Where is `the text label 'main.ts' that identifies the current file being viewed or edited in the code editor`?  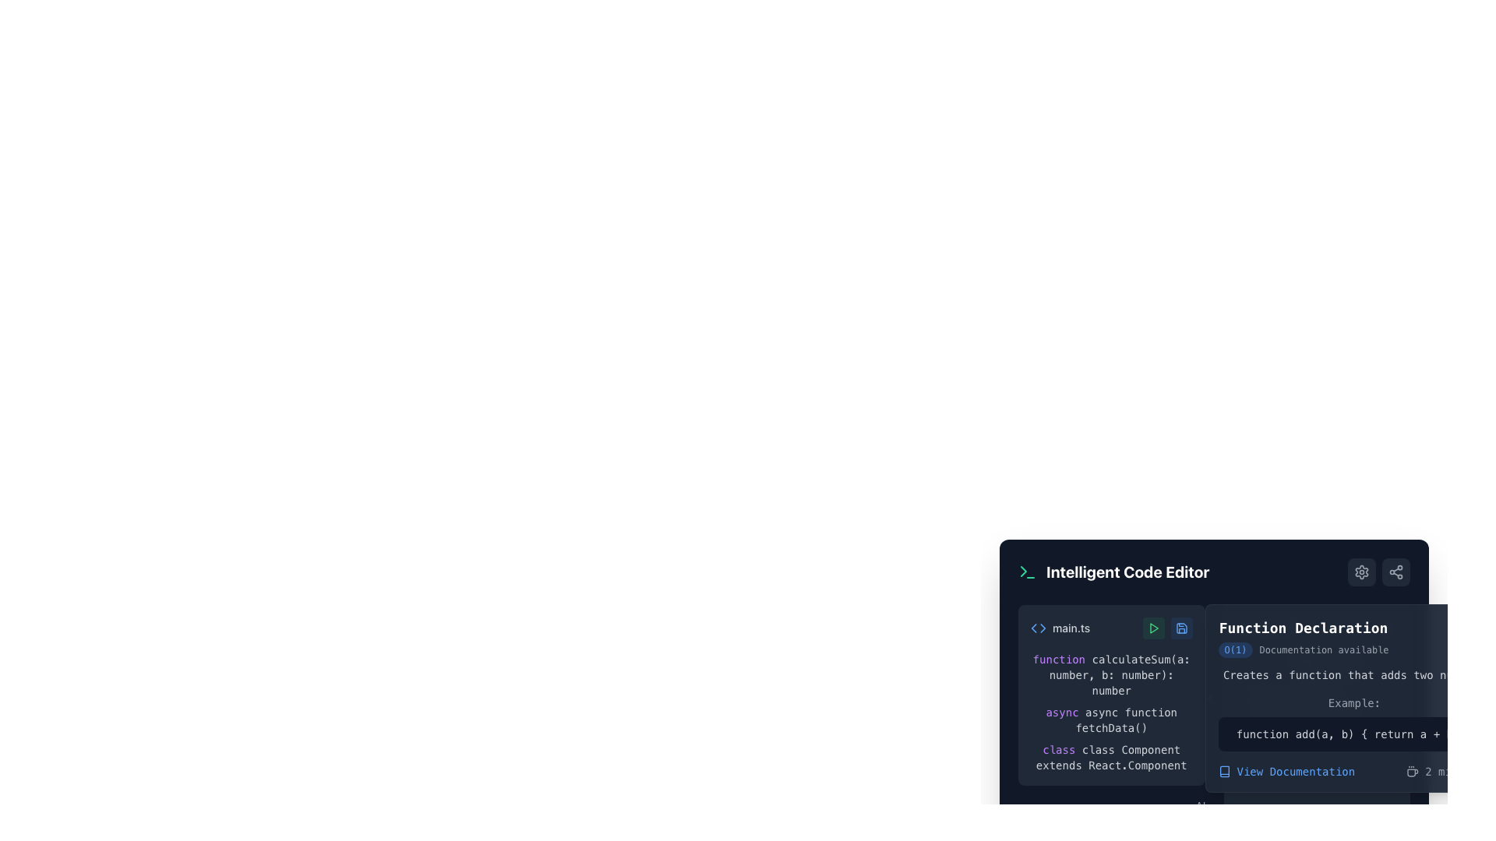 the text label 'main.ts' that identifies the current file being viewed or edited in the code editor is located at coordinates (1070, 627).